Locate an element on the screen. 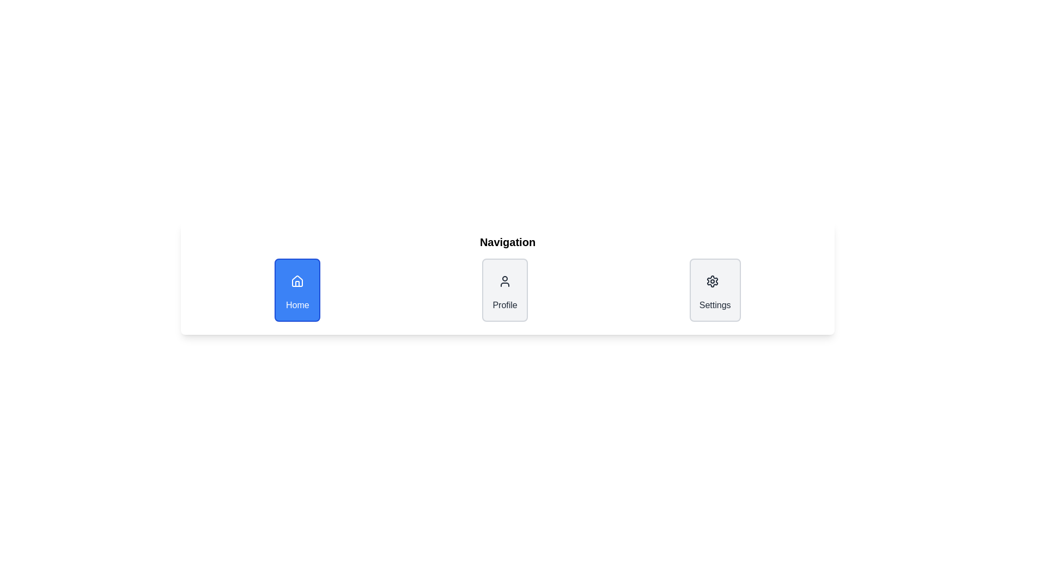  the blue rectangular 'Home' button with a house icon and text below is located at coordinates (297, 289).